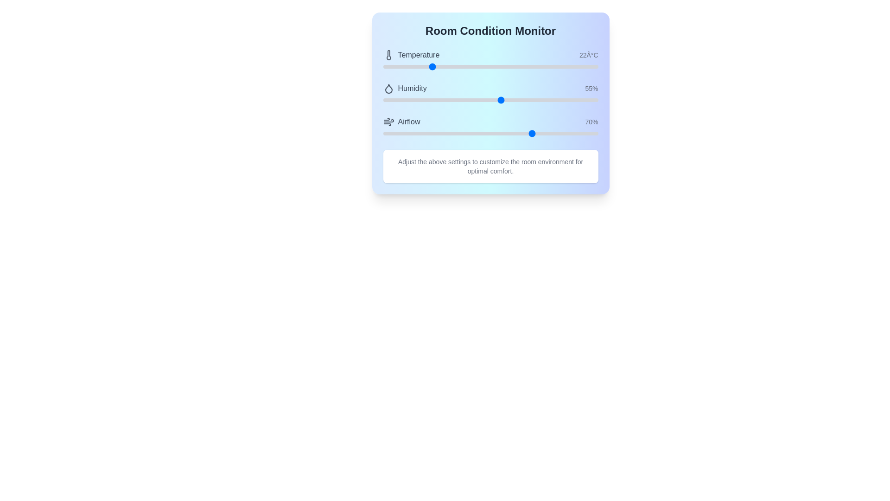 This screenshot has height=501, width=890. I want to click on airflow level, so click(492, 134).